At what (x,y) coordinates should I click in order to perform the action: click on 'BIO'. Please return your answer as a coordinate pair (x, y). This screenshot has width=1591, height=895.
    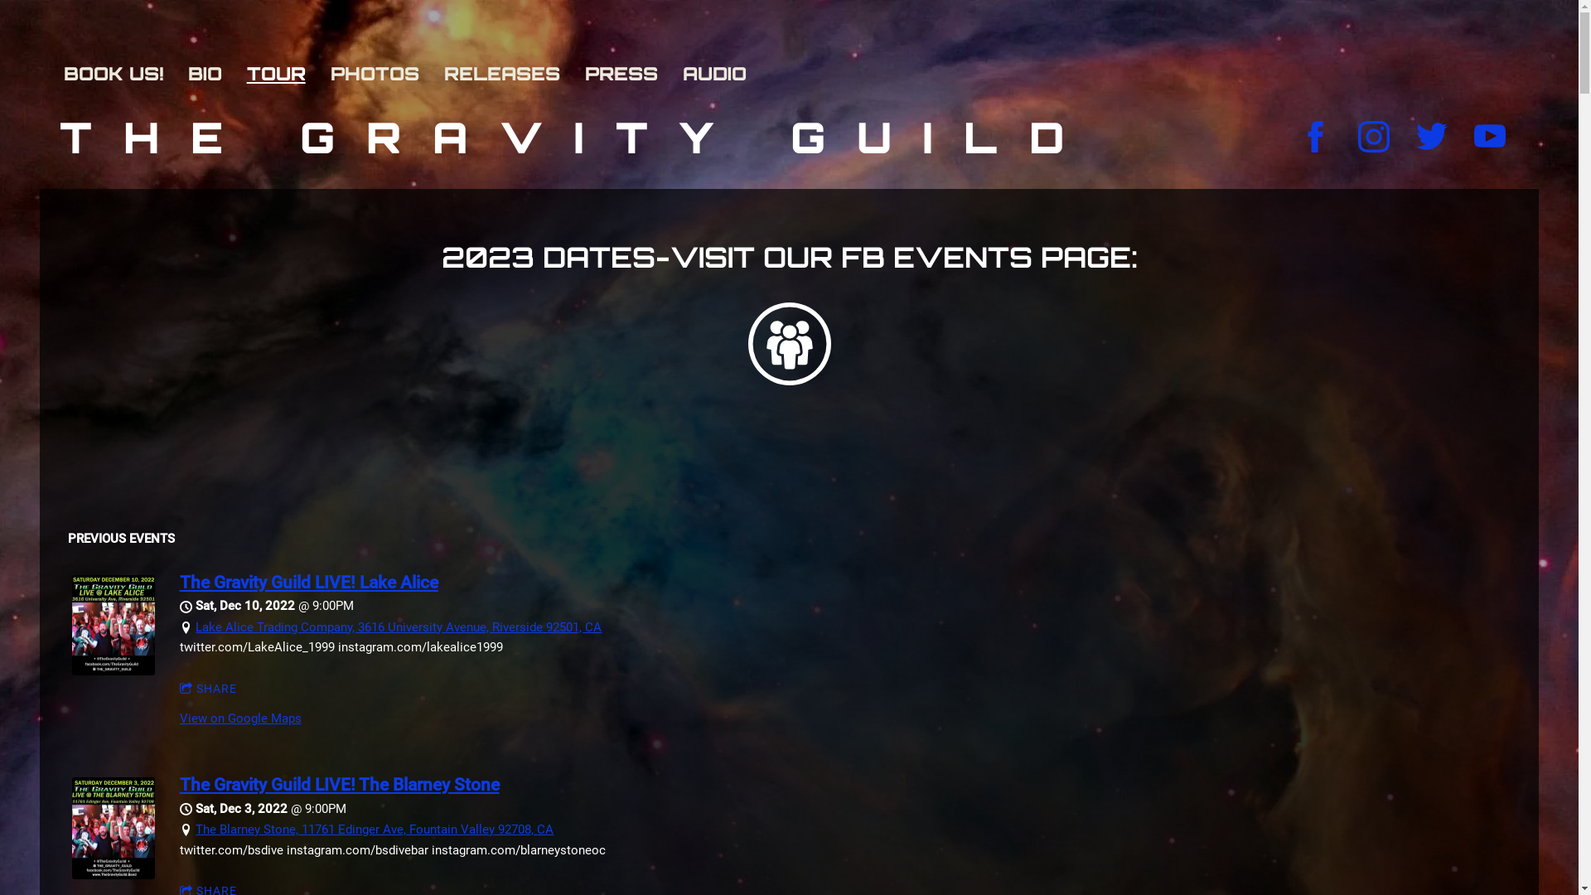
    Looking at the image, I should click on (212, 72).